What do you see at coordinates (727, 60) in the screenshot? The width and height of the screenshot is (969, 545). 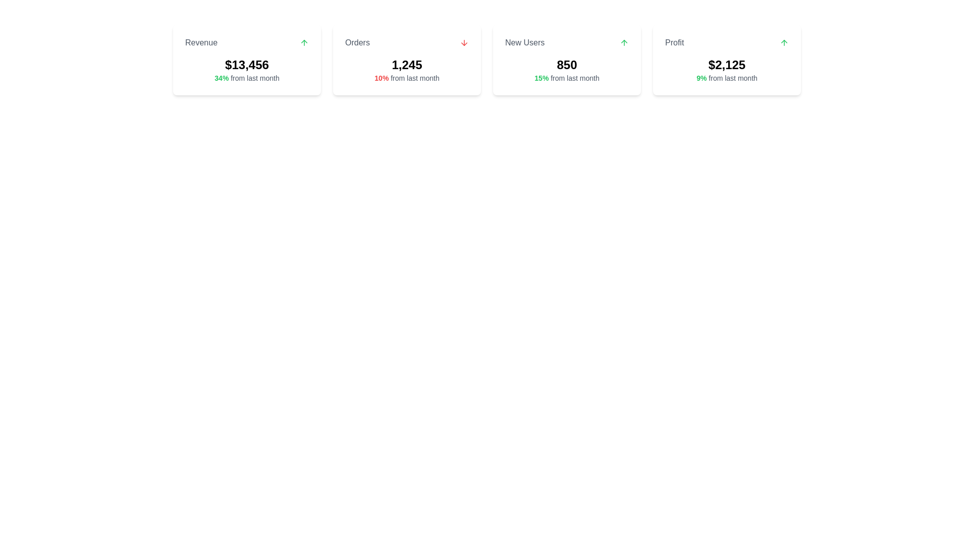 I see `the 'Profit' summary card, which is the fourth card in a horizontal grid layout, to interact with it if interactive actions are supported by the application` at bounding box center [727, 60].